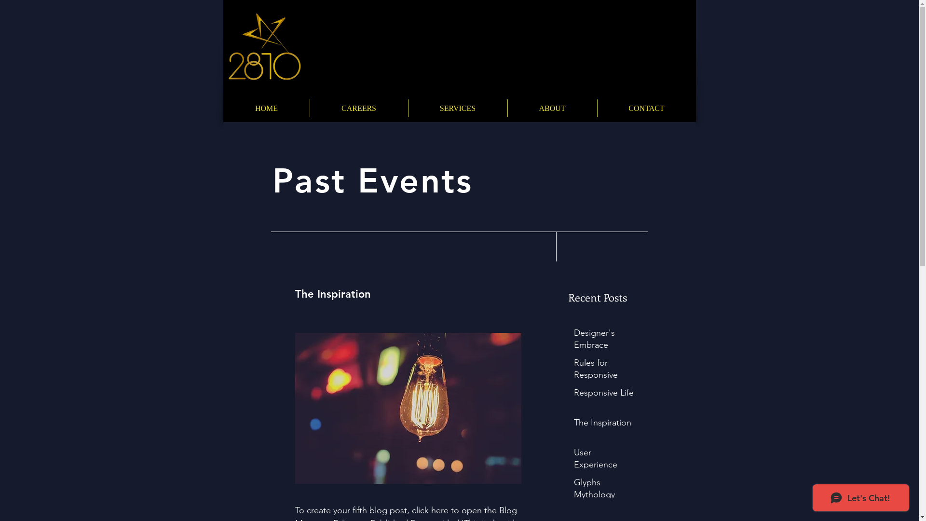 The image size is (926, 521). What do you see at coordinates (604, 424) in the screenshot?
I see `'The Inspiration'` at bounding box center [604, 424].